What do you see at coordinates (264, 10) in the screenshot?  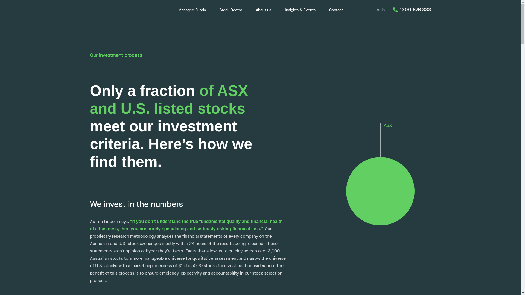 I see `'About us'` at bounding box center [264, 10].